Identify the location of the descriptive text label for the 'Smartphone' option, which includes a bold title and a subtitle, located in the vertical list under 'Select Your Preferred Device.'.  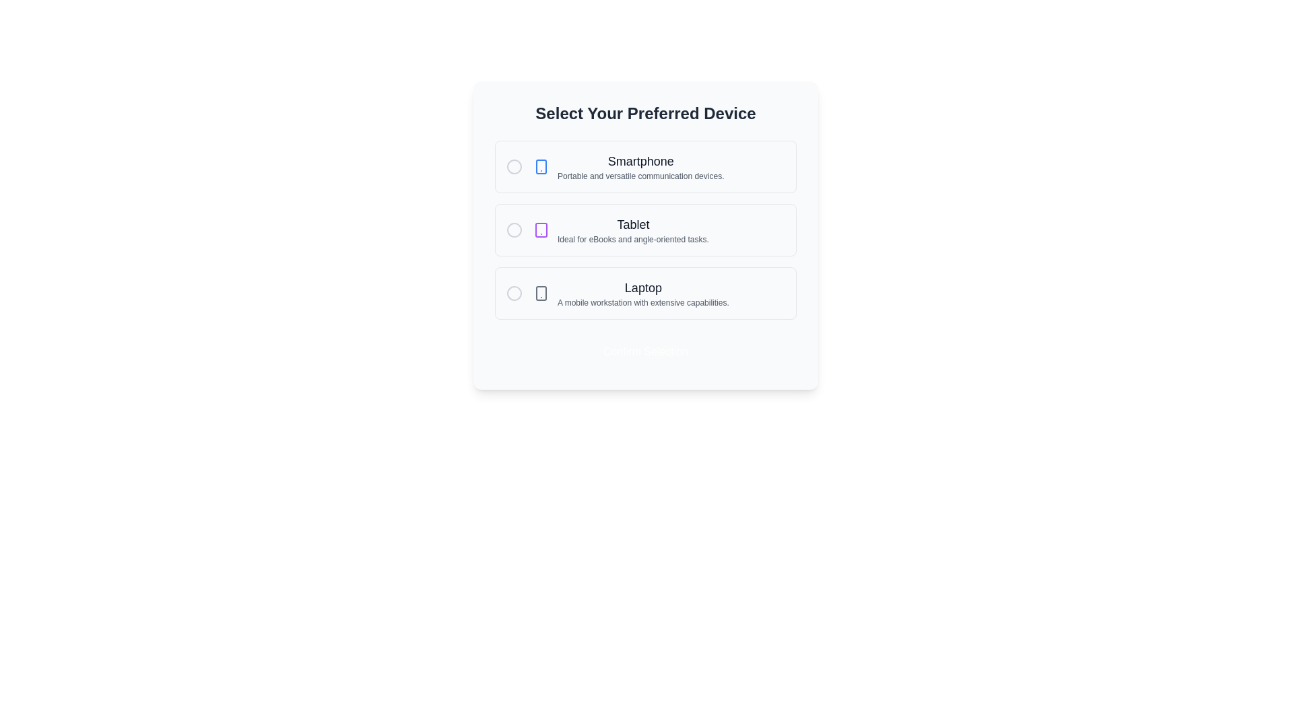
(640, 166).